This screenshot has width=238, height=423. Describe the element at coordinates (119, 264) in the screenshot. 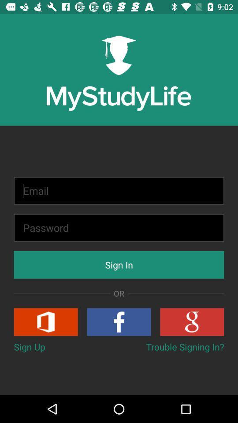

I see `the sign in button` at that location.